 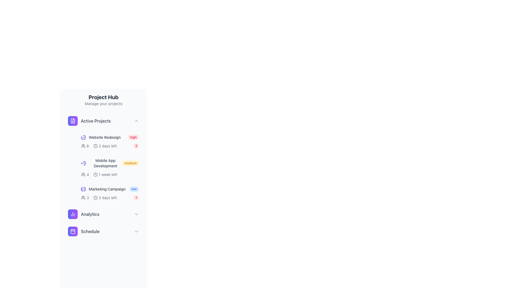 What do you see at coordinates (110, 167) in the screenshot?
I see `the collapsible card titled 'Mobile App Development' to note the priority 'Medium Priority' highlighted in amber and the remaining time '1 week left'` at bounding box center [110, 167].